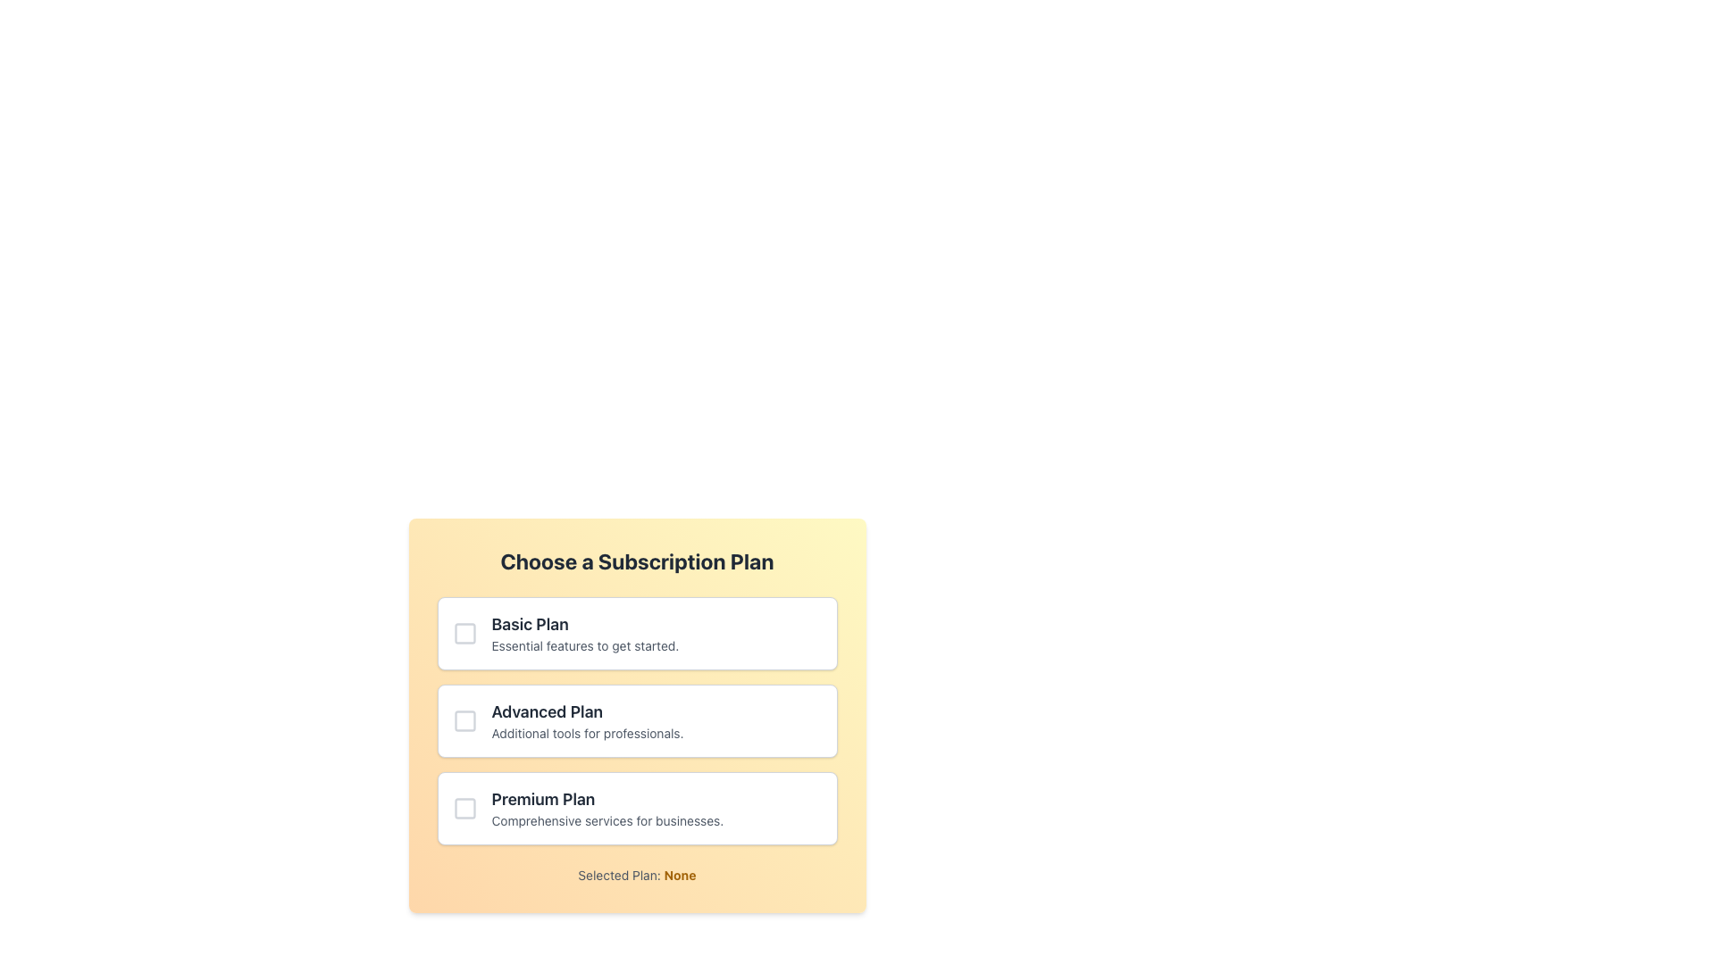 The image size is (1715, 964). I want to click on information contained in the Informational Text Block titled 'Basic Plan', which includes the headline and subtitle describing essential features, so click(656, 632).